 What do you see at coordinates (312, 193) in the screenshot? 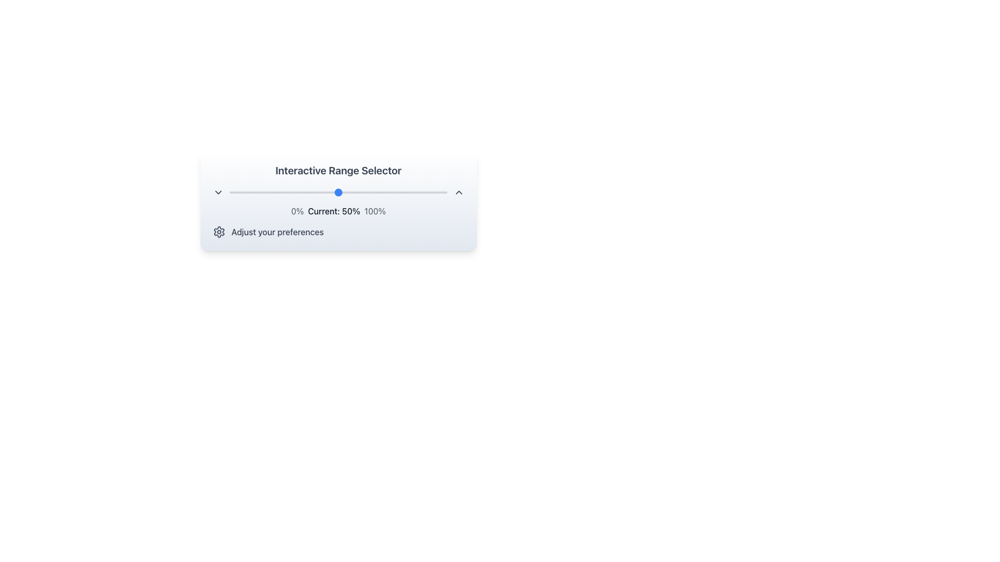
I see `the slider value` at bounding box center [312, 193].